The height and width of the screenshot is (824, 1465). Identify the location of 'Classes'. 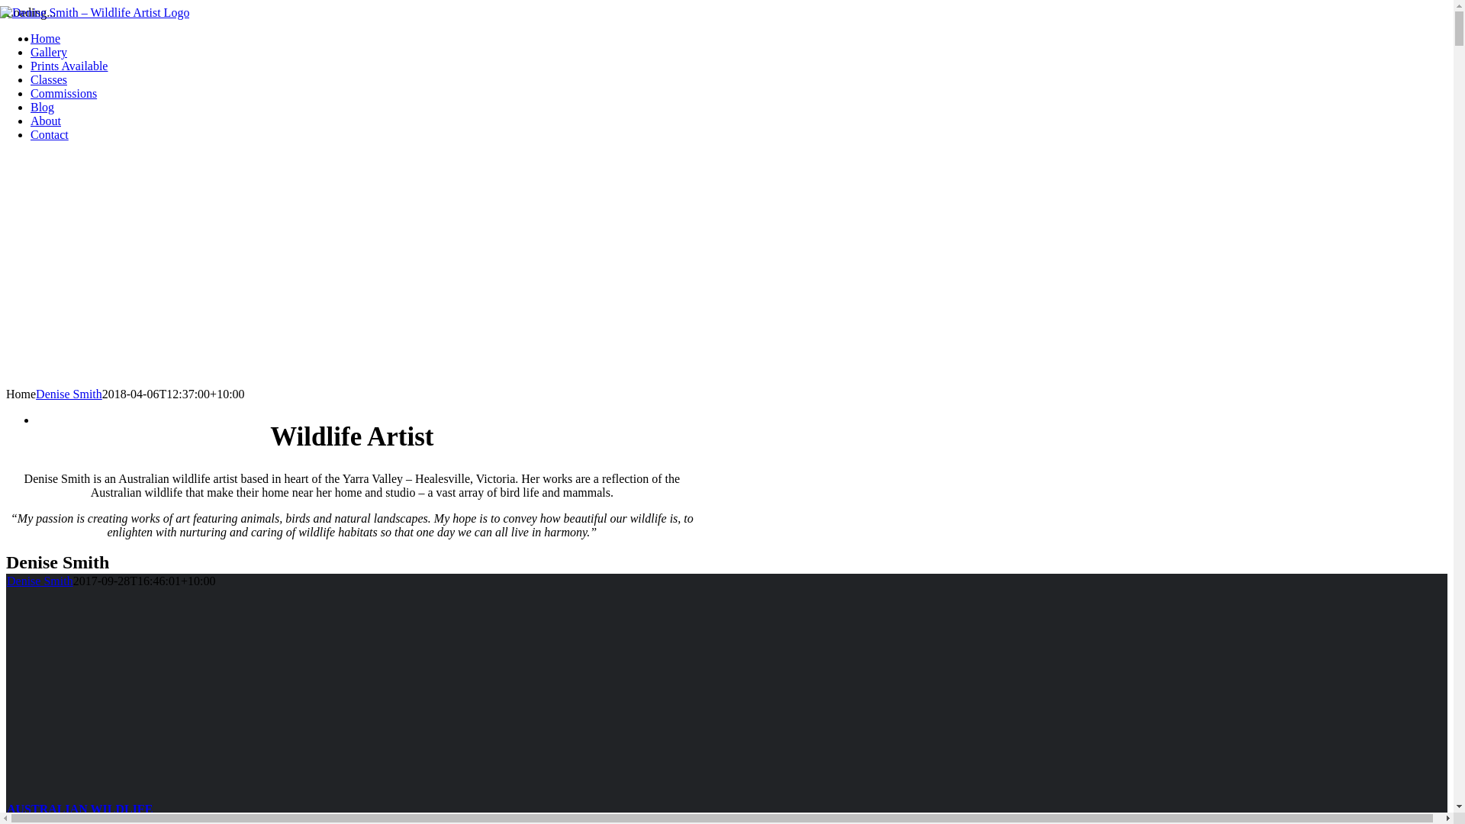
(48, 79).